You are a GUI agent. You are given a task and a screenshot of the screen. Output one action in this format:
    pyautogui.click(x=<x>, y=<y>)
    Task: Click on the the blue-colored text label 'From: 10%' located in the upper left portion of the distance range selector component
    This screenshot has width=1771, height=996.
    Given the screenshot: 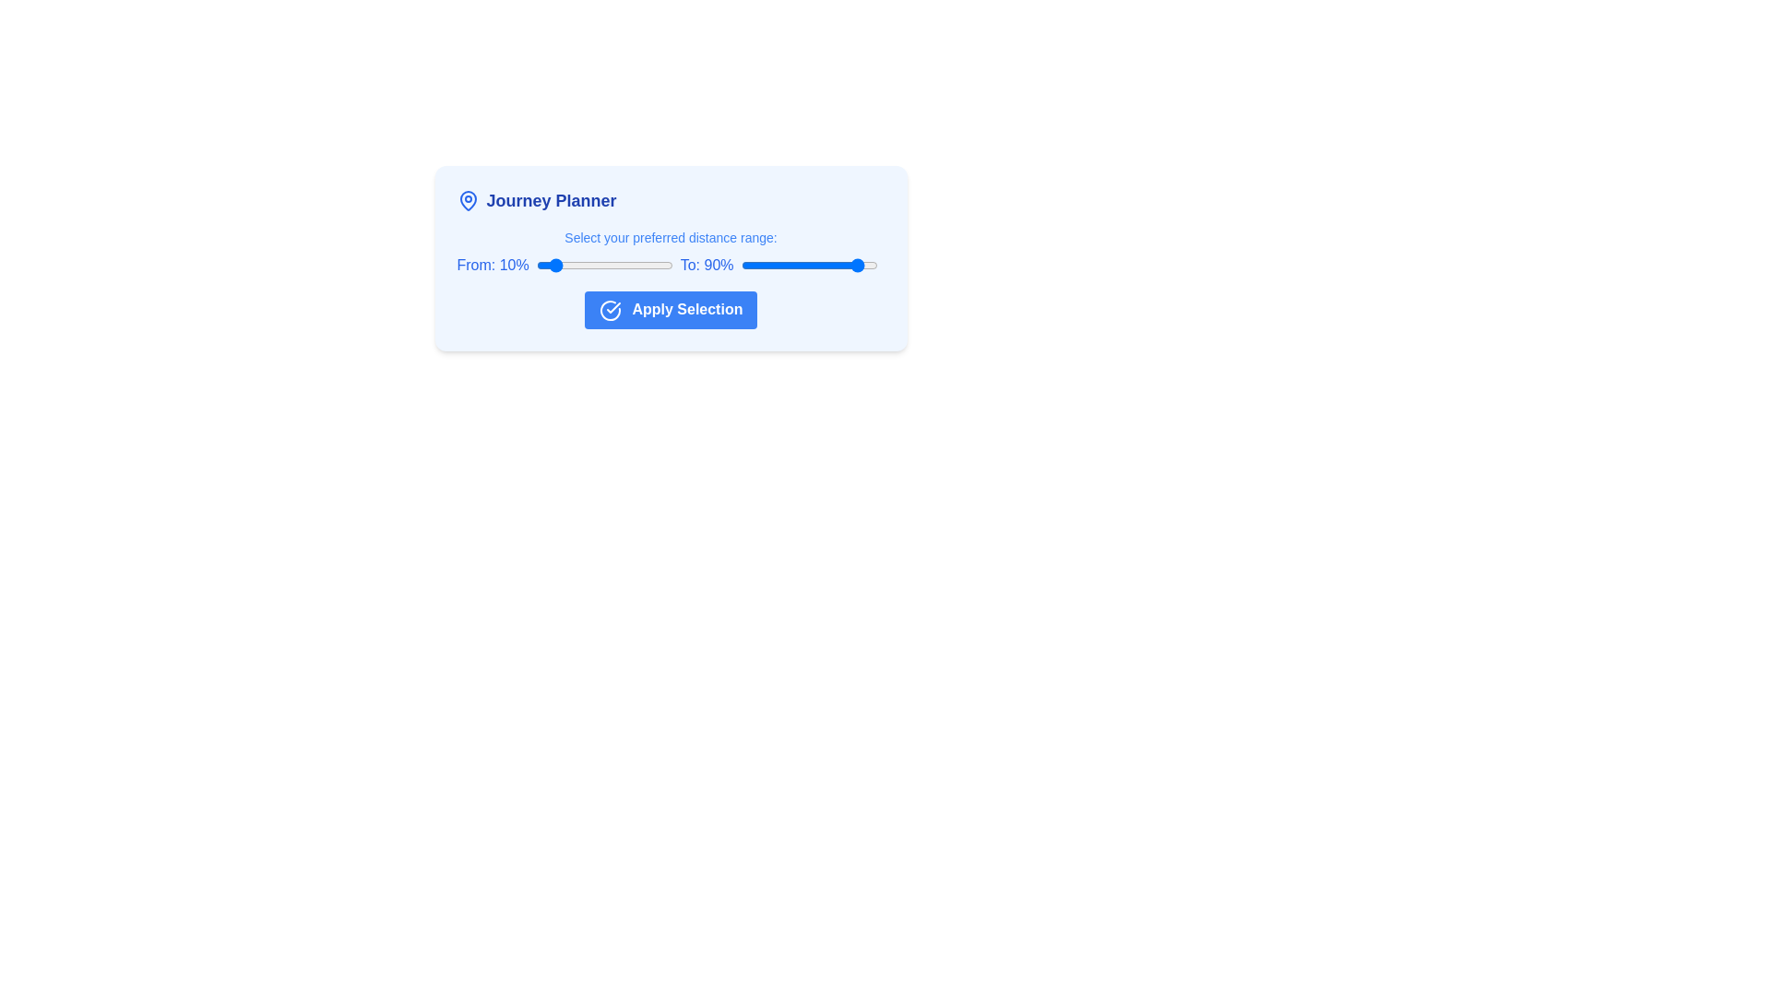 What is the action you would take?
    pyautogui.click(x=493, y=266)
    